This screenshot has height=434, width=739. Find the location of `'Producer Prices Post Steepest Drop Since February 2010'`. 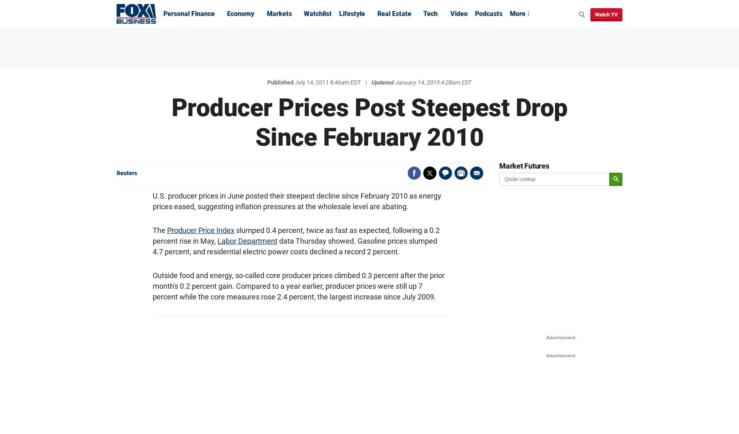

'Producer Prices Post Steepest Drop Since February 2010' is located at coordinates (171, 122).